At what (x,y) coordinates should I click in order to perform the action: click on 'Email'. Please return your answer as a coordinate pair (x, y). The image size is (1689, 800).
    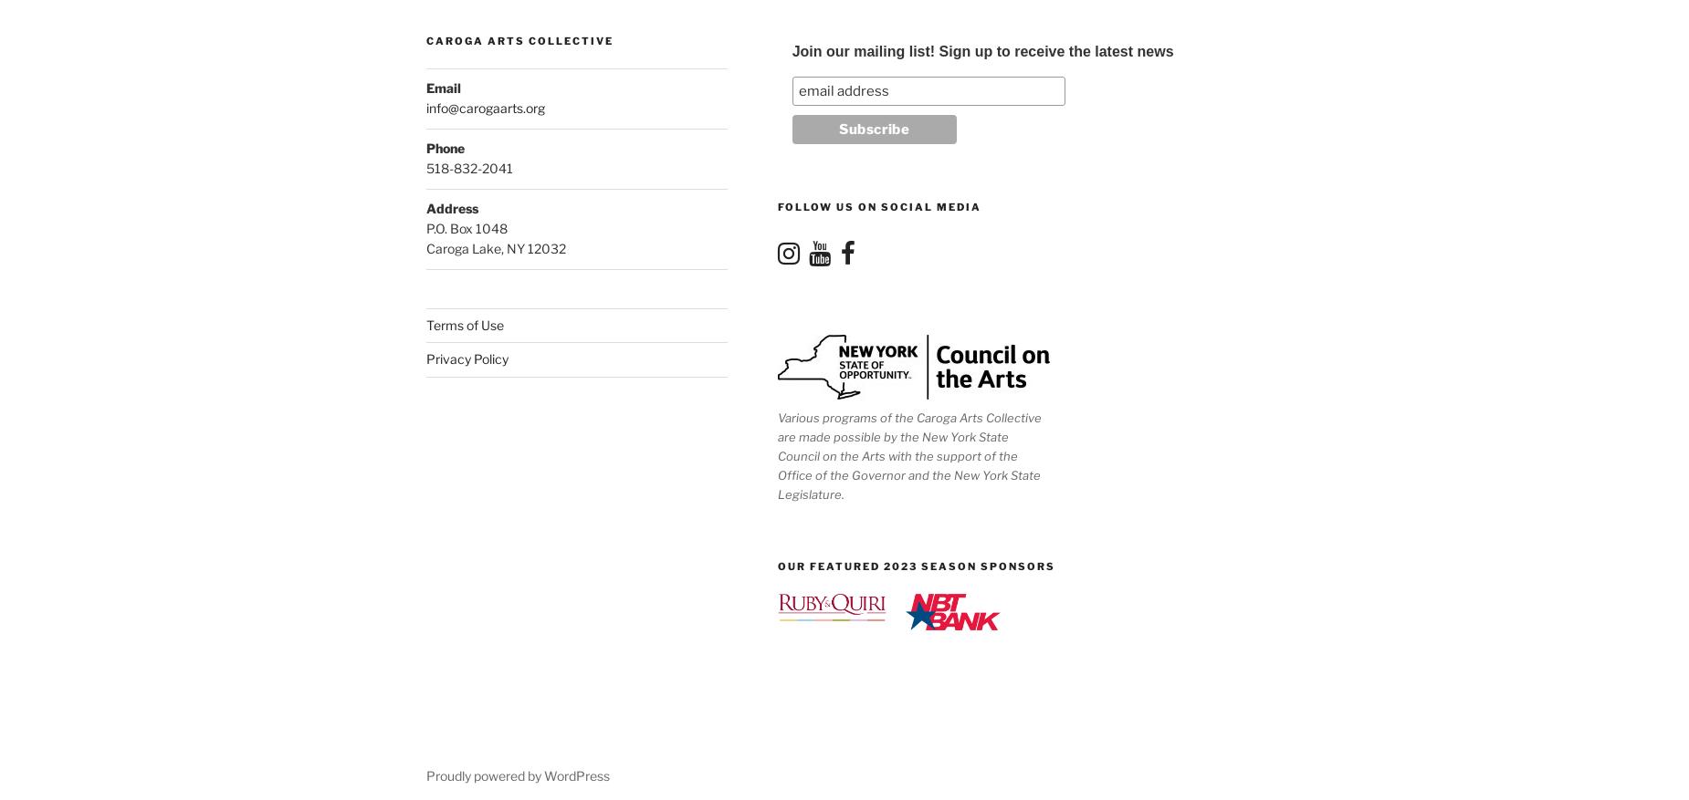
    Looking at the image, I should click on (443, 88).